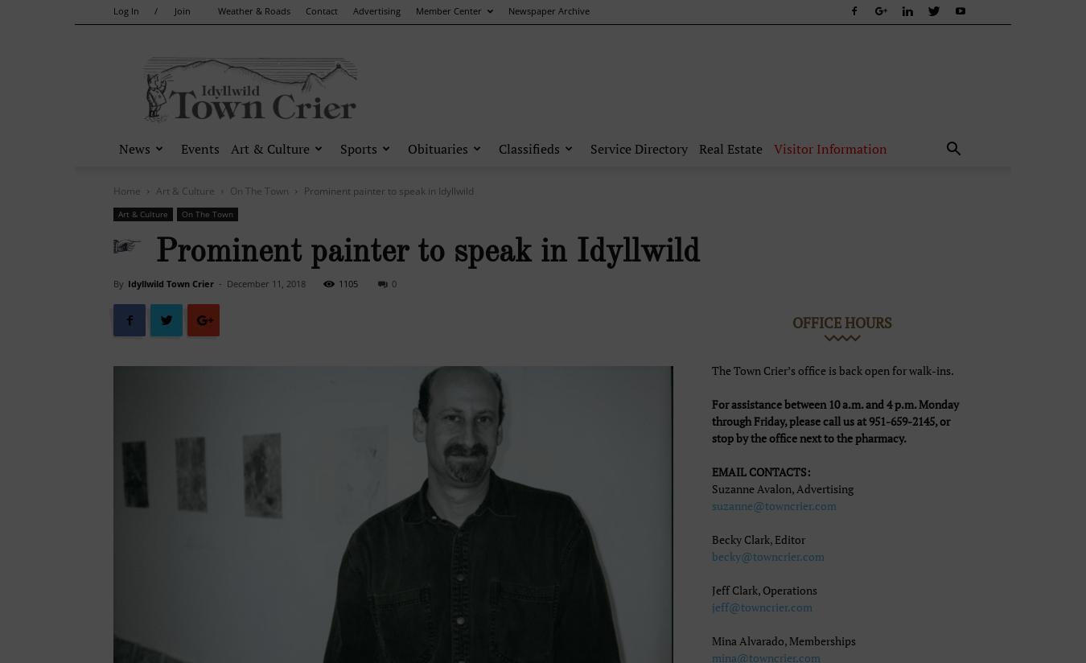  I want to click on 'December 11, 2018', so click(265, 282).